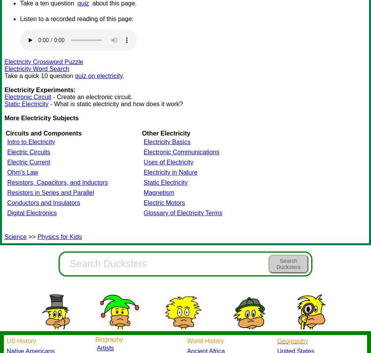  What do you see at coordinates (4, 69) in the screenshot?
I see `'Electricity Word Search'` at bounding box center [4, 69].